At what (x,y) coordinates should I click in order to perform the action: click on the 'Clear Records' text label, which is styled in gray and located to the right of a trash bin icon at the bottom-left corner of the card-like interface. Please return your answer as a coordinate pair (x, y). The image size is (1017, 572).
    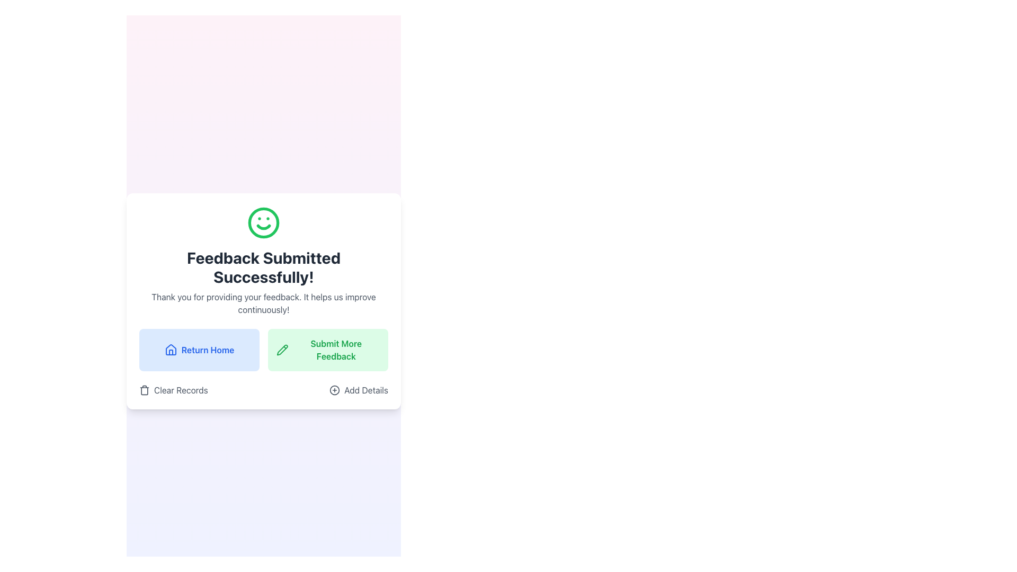
    Looking at the image, I should click on (181, 390).